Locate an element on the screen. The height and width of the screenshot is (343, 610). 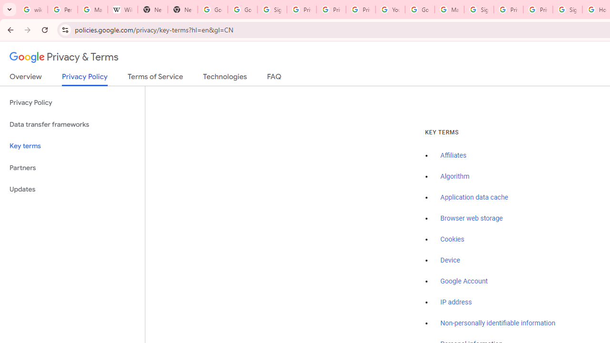
'Browser web storage' is located at coordinates (471, 218).